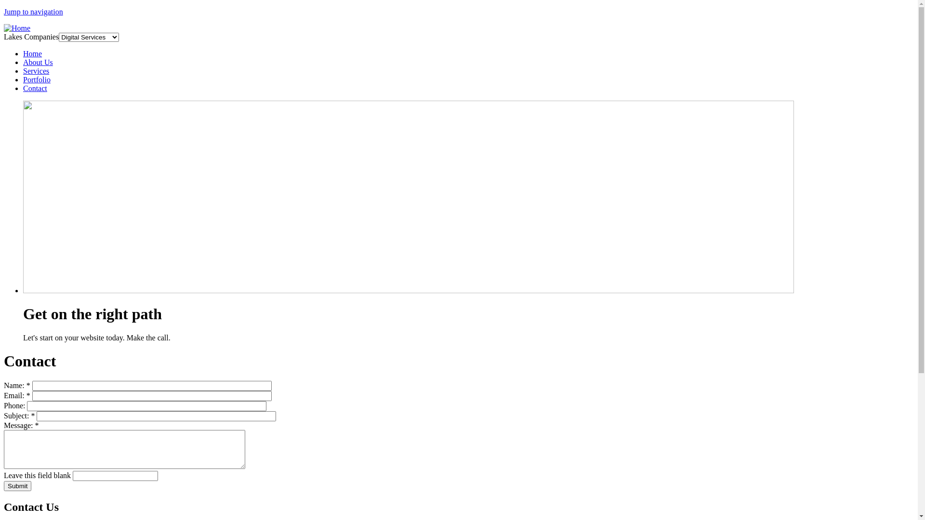  Describe the element at coordinates (36, 70) in the screenshot. I see `'Services'` at that location.